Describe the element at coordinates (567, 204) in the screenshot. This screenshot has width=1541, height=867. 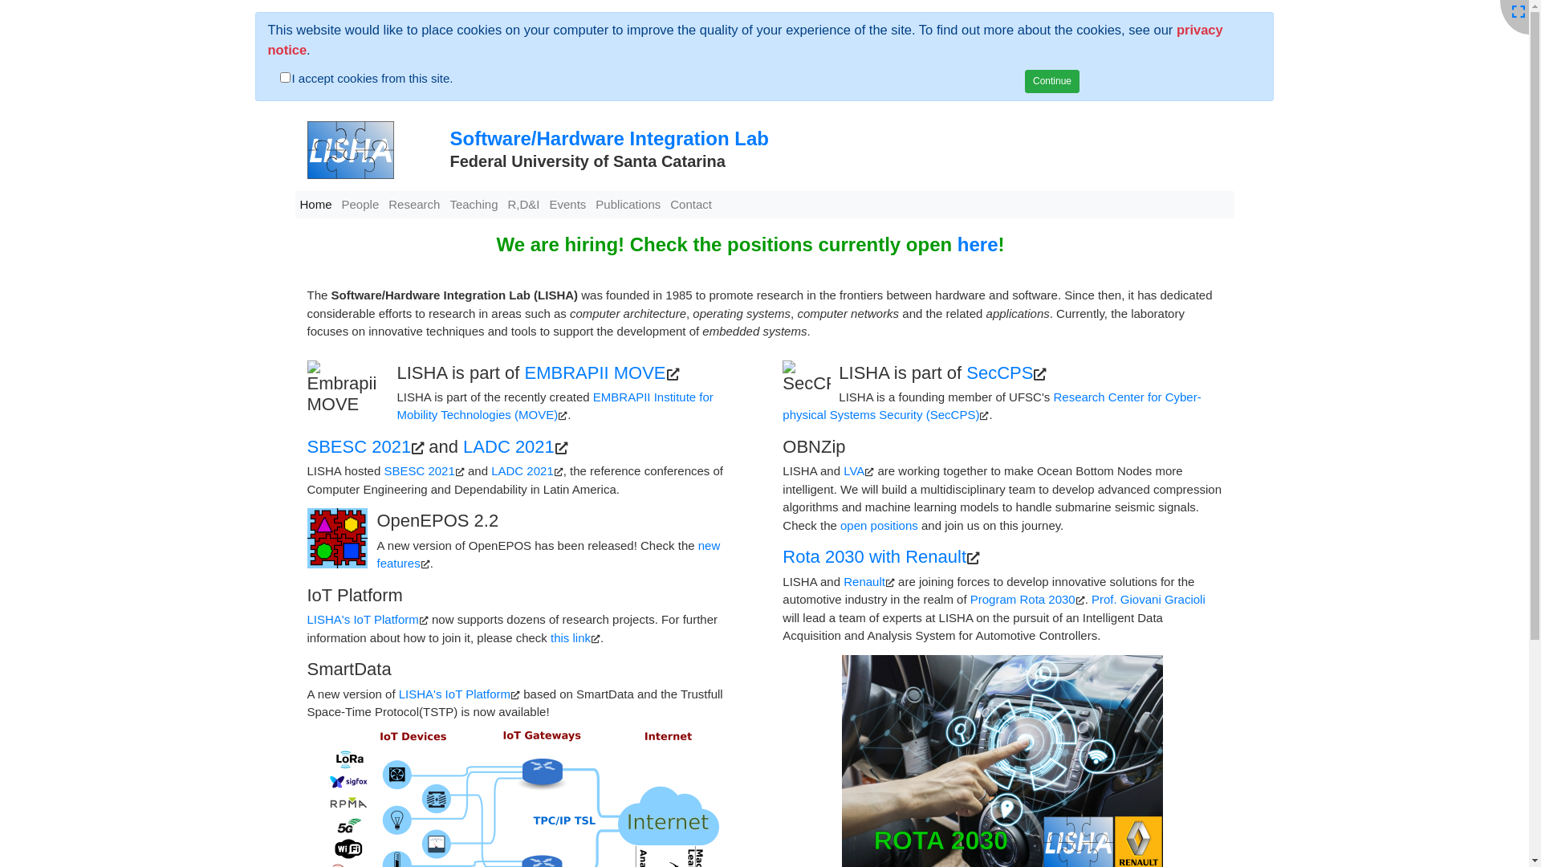
I see `'Events'` at that location.